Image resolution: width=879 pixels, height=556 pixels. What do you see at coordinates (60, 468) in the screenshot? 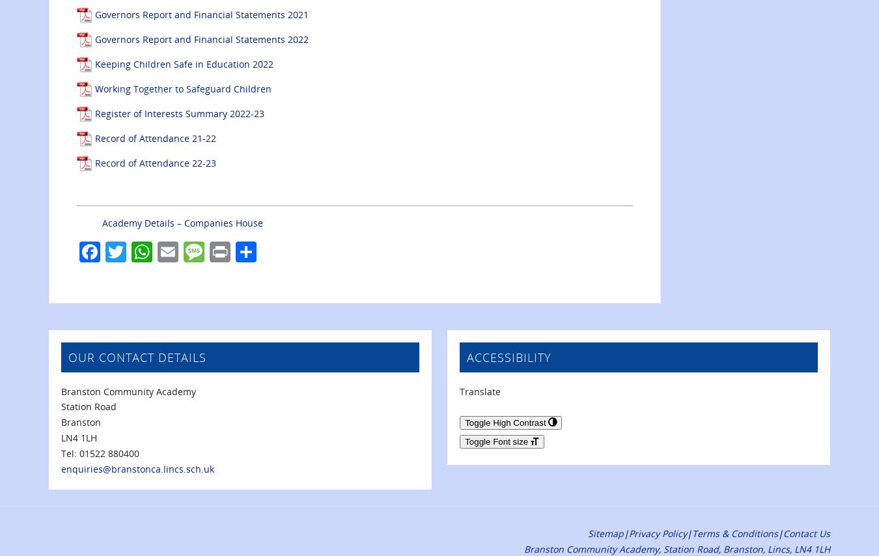
I see `'enquiries@branstonca.lincs.sch.uk'` at bounding box center [60, 468].